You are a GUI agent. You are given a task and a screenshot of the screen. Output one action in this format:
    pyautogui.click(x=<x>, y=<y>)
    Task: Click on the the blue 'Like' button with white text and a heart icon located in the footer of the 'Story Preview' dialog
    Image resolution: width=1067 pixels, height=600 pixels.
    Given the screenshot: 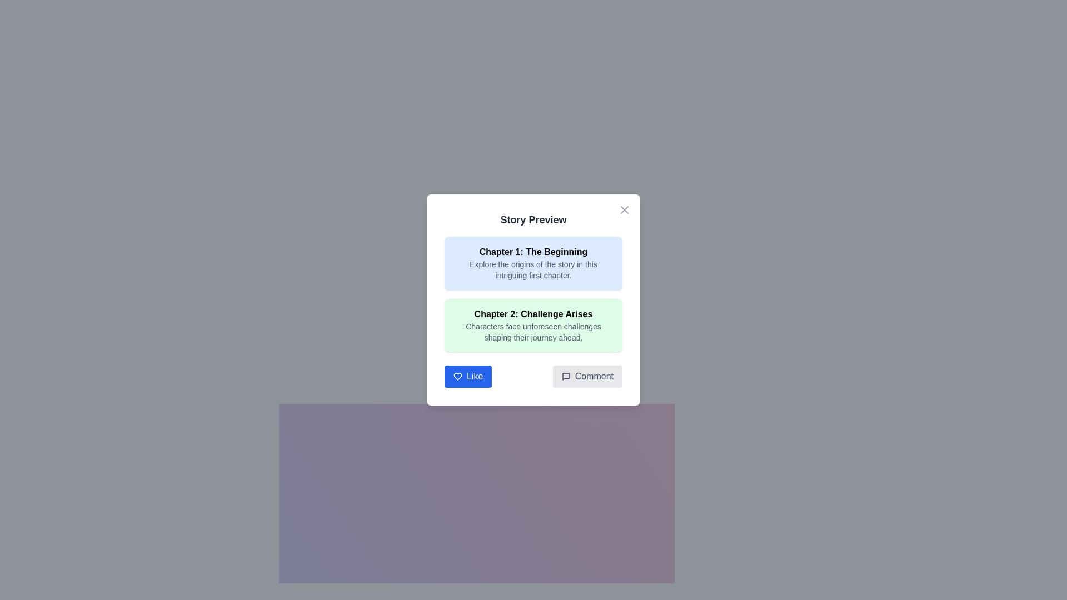 What is the action you would take?
    pyautogui.click(x=468, y=376)
    